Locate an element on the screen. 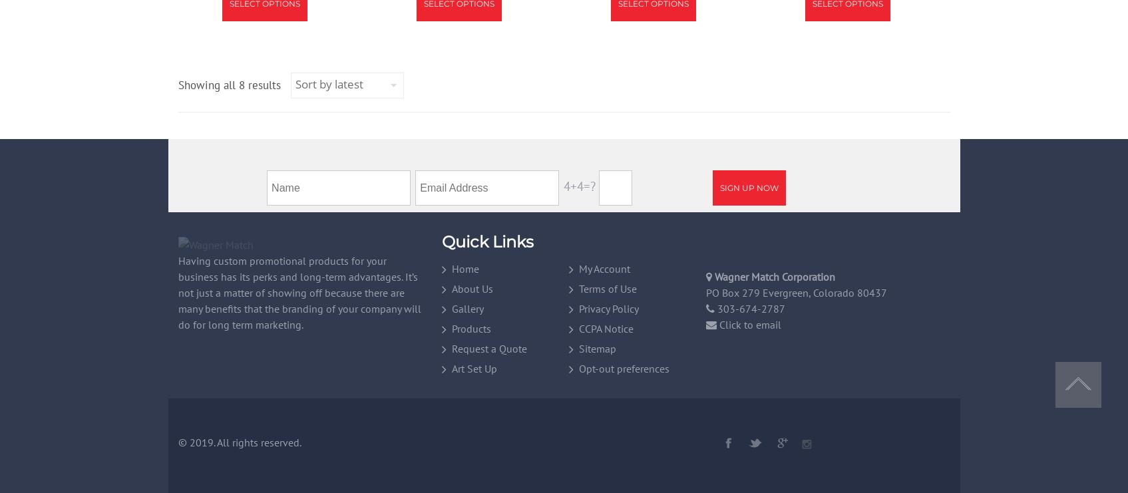 The height and width of the screenshot is (493, 1128). 'CCPA Notice' is located at coordinates (606, 327).